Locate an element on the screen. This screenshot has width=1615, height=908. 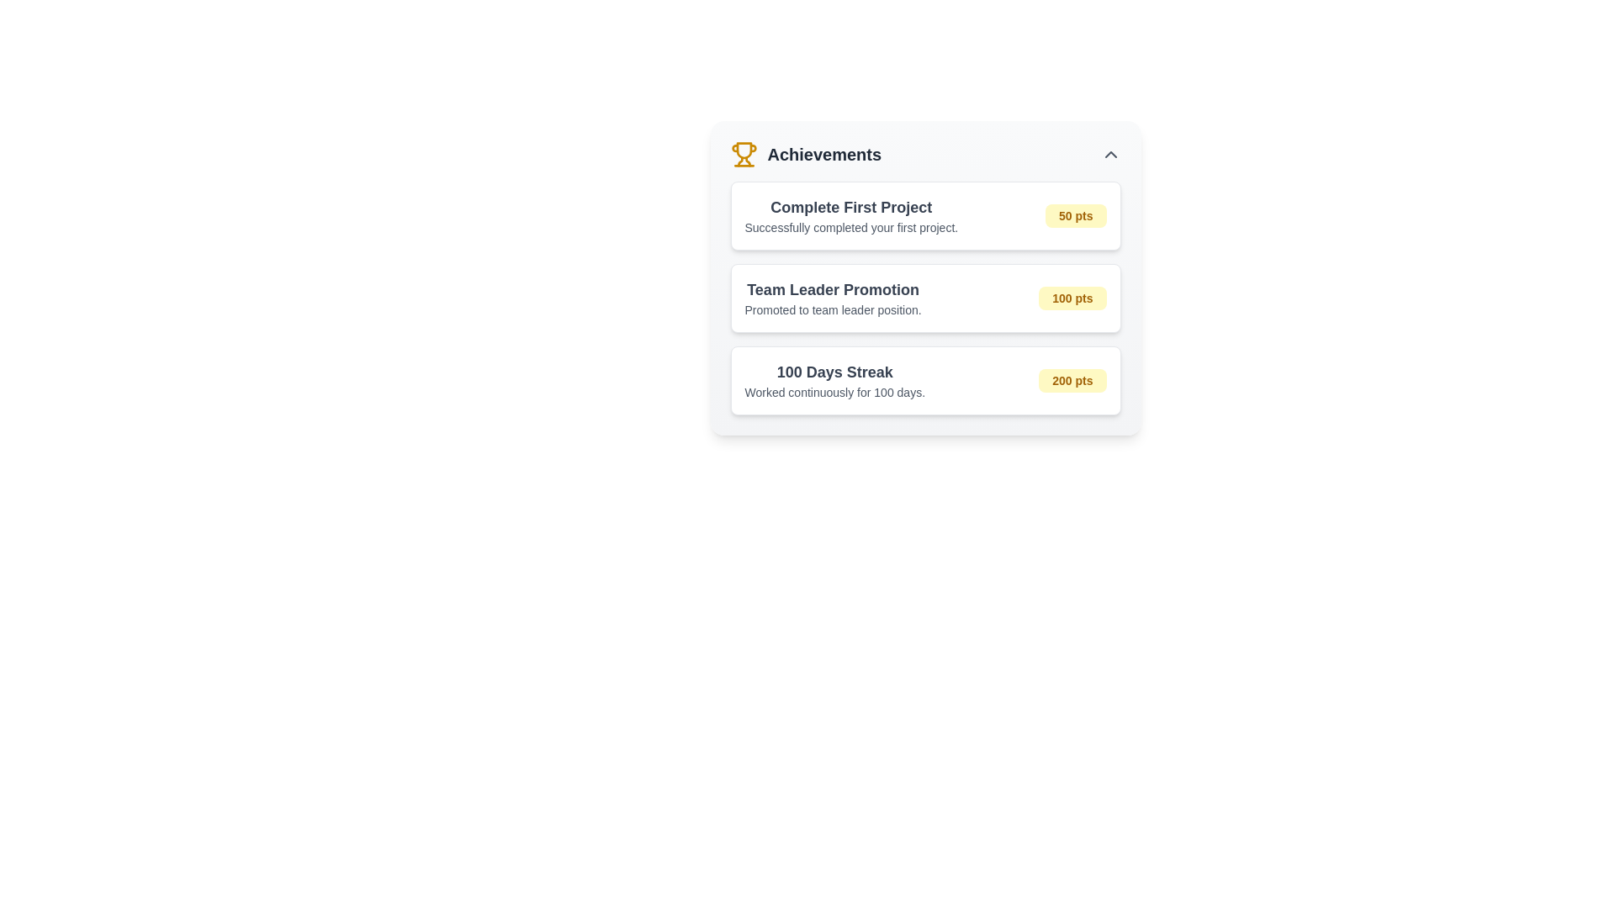
details of the achievement displayed on the Achievement card, which is the second item in the list, located between 'Complete First Project' and '100 Days Streak' is located at coordinates (924, 297).